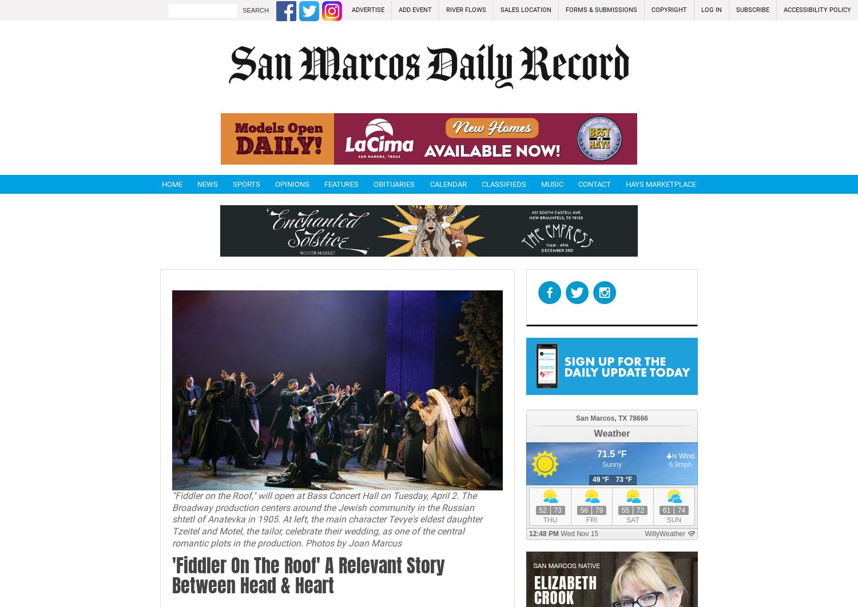  I want to click on 'Home', so click(172, 183).